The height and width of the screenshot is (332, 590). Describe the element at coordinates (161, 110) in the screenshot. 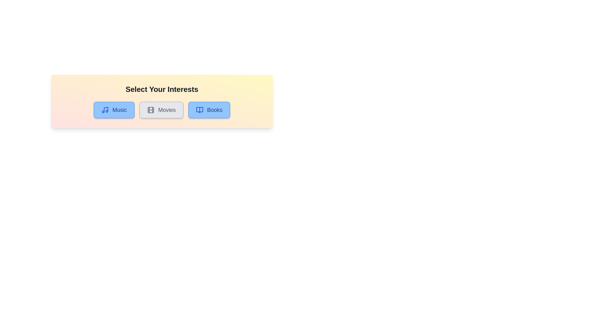

I see `the interest Movies by clicking its button` at that location.